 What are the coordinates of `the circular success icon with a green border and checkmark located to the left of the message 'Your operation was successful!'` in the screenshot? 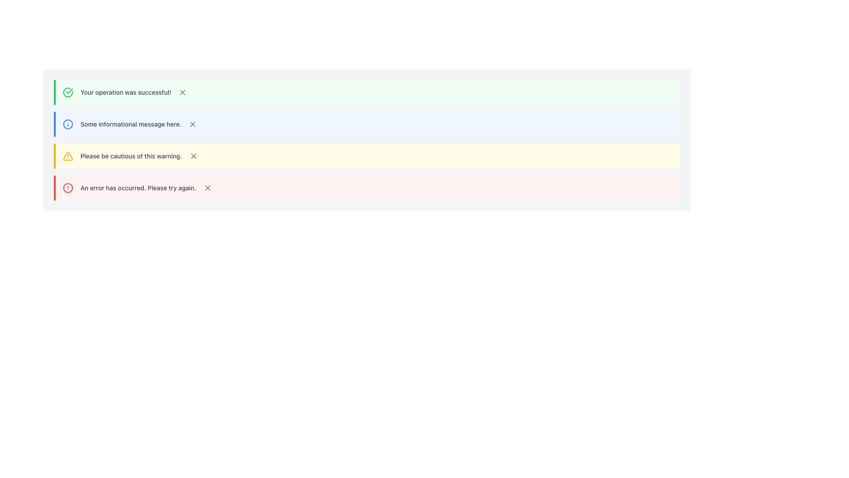 It's located at (67, 92).